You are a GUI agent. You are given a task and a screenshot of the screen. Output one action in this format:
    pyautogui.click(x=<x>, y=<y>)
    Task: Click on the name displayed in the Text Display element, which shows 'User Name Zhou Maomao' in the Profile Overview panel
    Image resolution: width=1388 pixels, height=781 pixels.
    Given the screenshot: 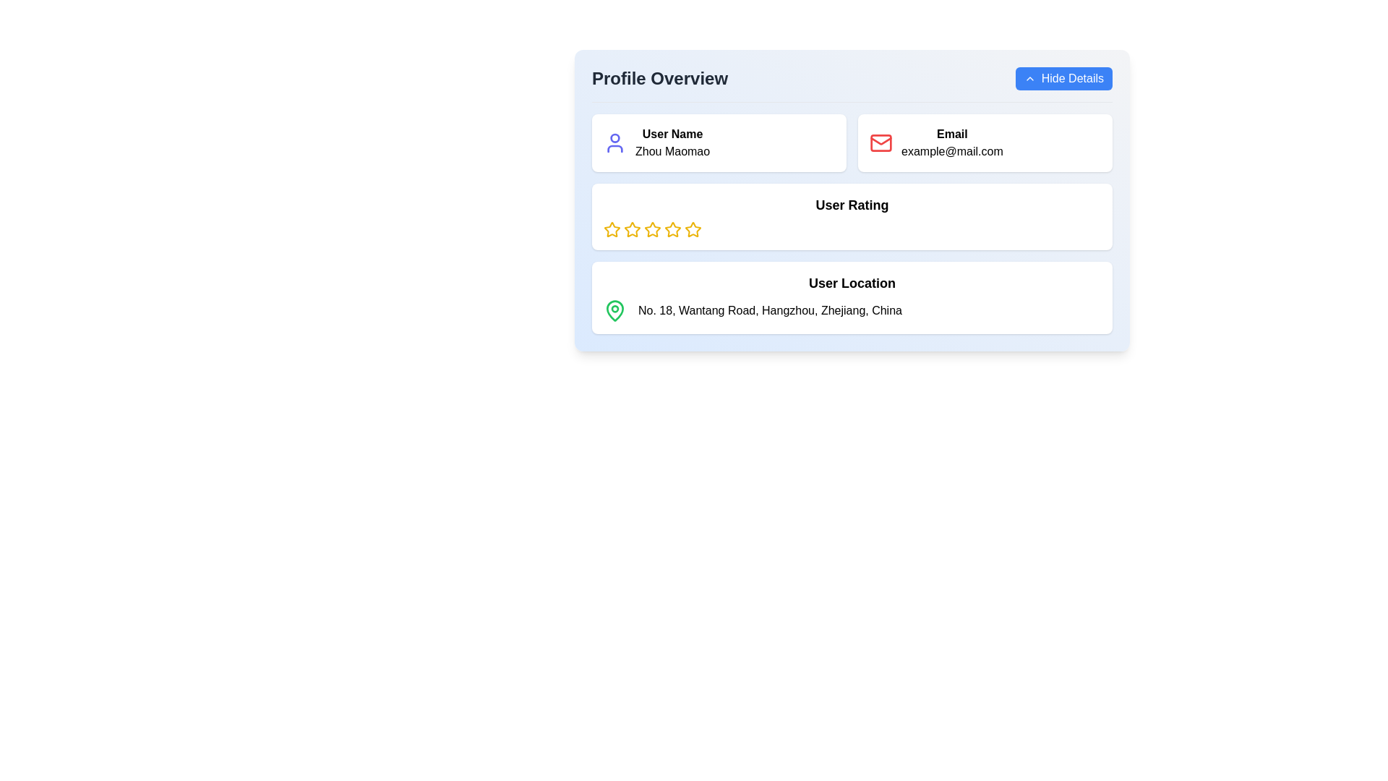 What is the action you would take?
    pyautogui.click(x=672, y=142)
    